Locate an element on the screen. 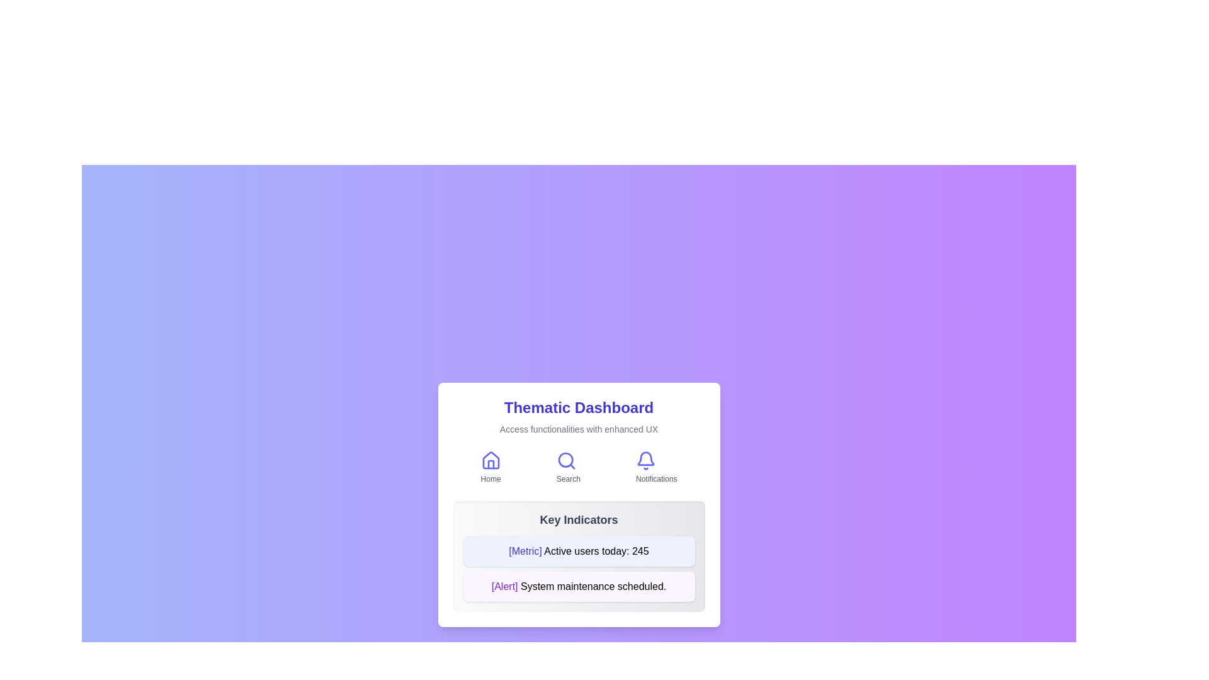  the 'Home' text label, which is a small gray text displayed below a house icon, serving as a descriptive label for the icon above it is located at coordinates (490, 479).